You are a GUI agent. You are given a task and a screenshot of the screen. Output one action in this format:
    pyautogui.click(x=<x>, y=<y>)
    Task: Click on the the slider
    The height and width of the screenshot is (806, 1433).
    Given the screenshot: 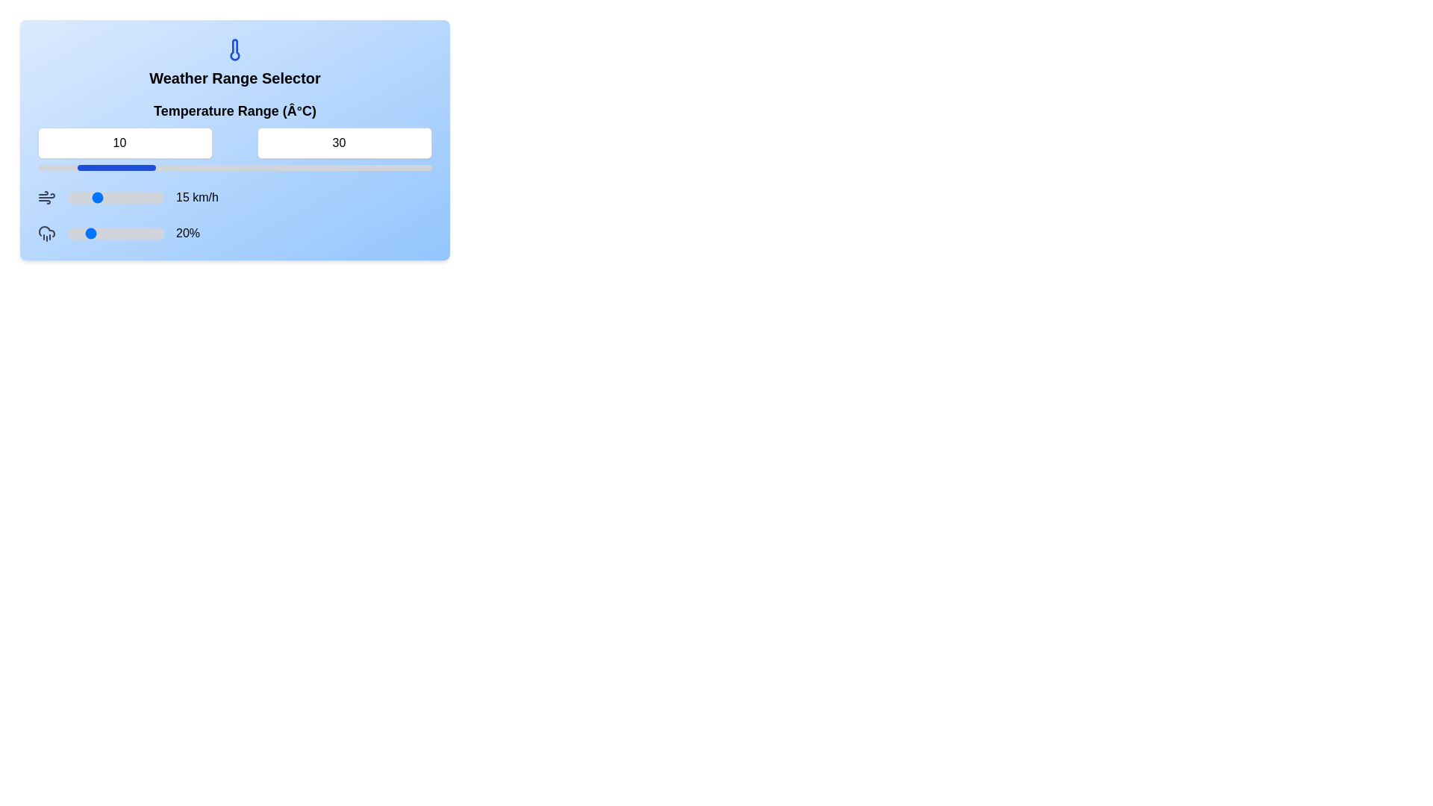 What is the action you would take?
    pyautogui.click(x=91, y=233)
    